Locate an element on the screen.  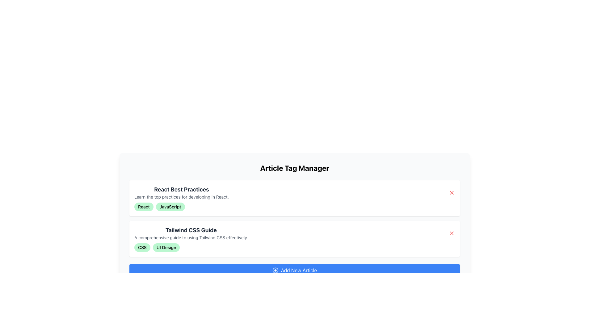
content displayed in the Text Display located at the topmost item in the list under the header 'Article Tag Manager', centered horizontally and above the green tags 'React' and 'JavaScript' is located at coordinates (181, 192).